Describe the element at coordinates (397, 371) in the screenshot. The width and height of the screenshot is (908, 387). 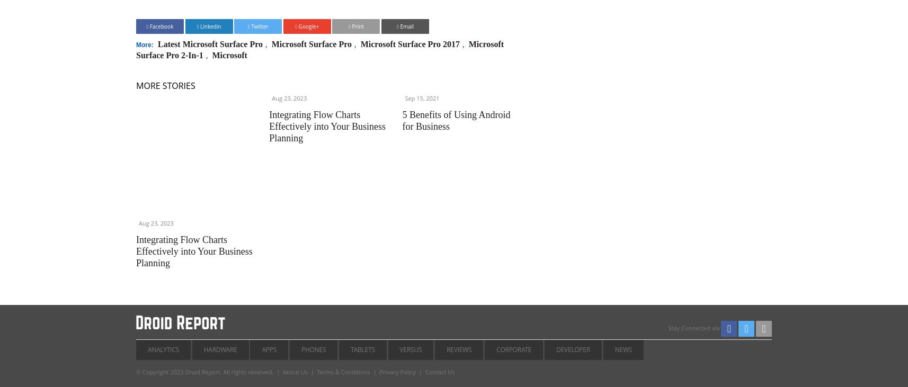
I see `'Privacy Policy'` at that location.